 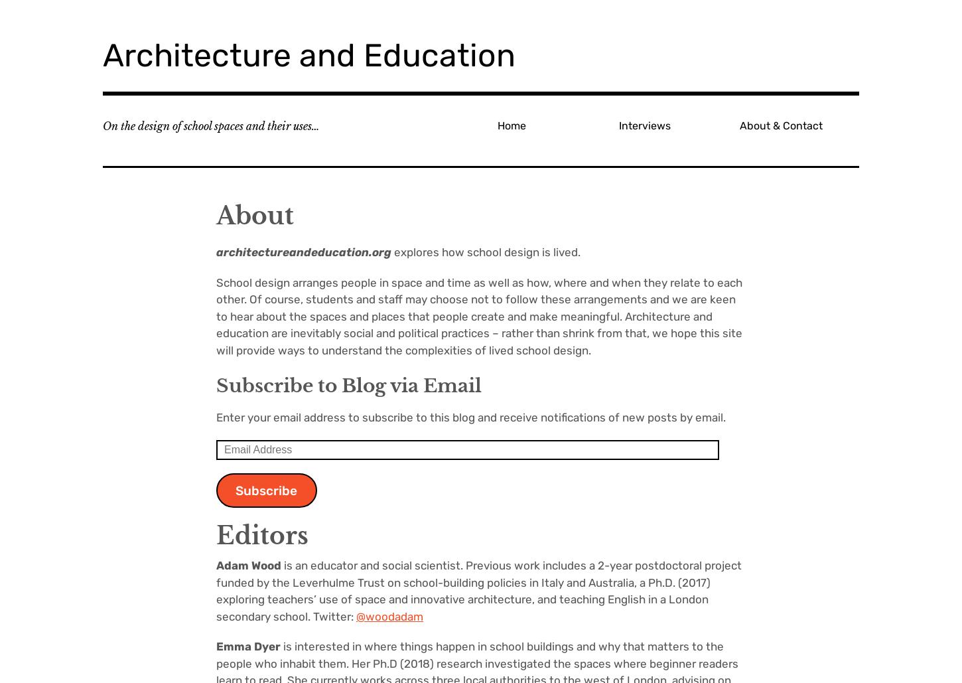 What do you see at coordinates (216, 565) in the screenshot?
I see `'Adam Wood'` at bounding box center [216, 565].